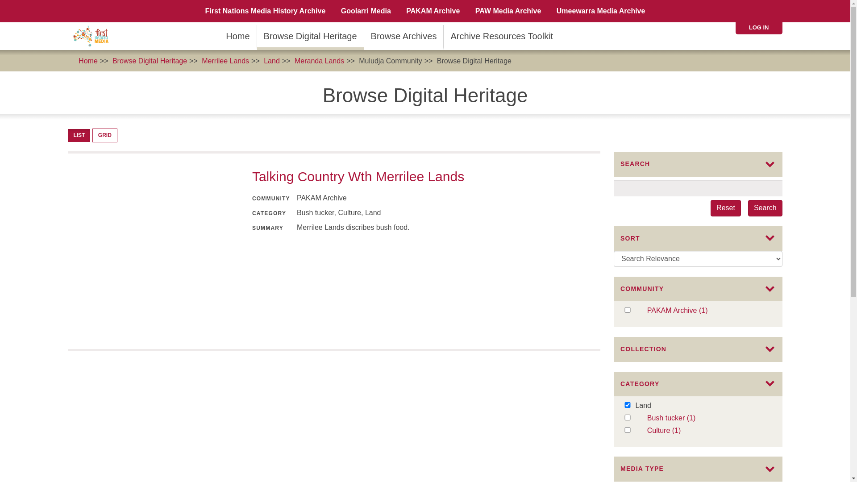 Image resolution: width=857 pixels, height=482 pixels. I want to click on 'Search', so click(765, 208).